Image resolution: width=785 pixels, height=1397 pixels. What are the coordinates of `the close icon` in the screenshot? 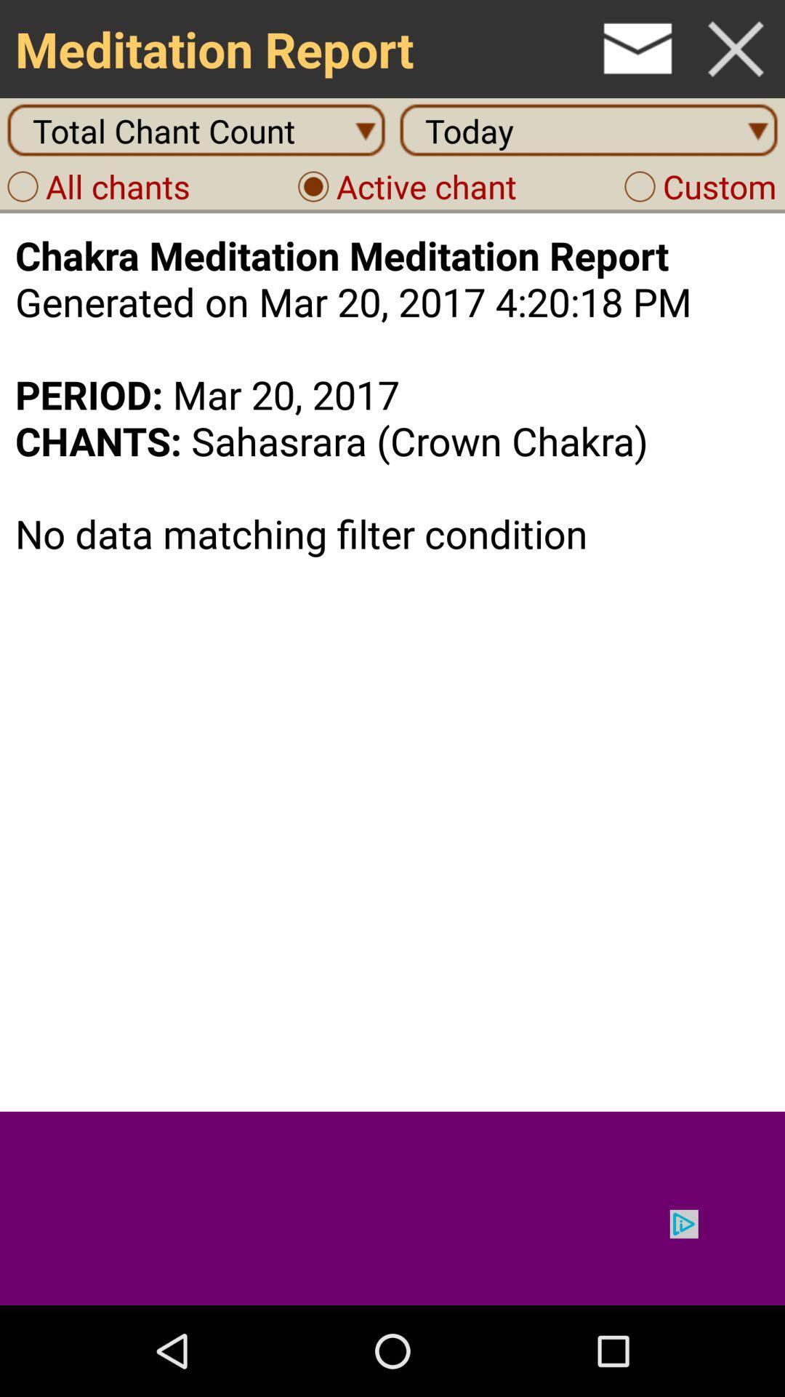 It's located at (736, 52).